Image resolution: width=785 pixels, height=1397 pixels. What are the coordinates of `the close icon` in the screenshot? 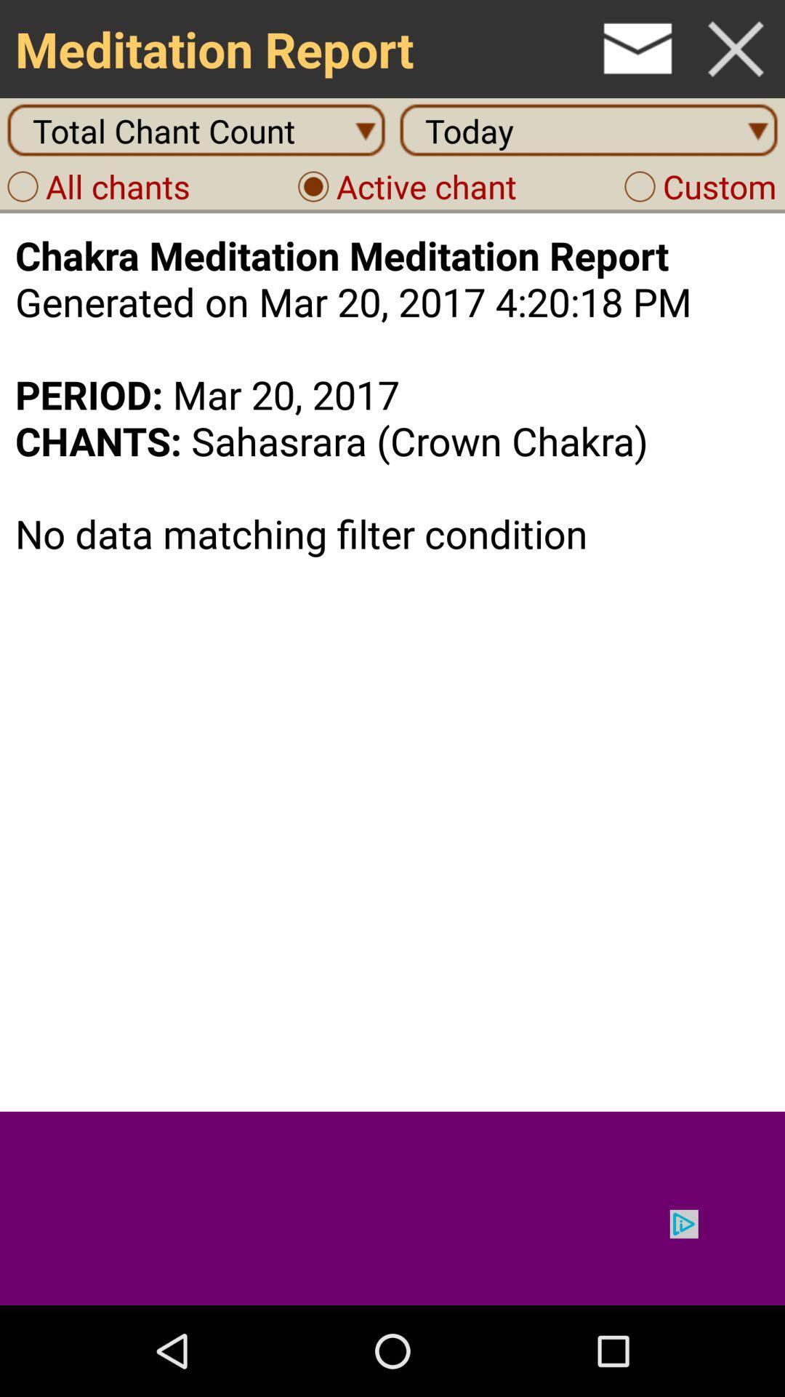 It's located at (736, 52).